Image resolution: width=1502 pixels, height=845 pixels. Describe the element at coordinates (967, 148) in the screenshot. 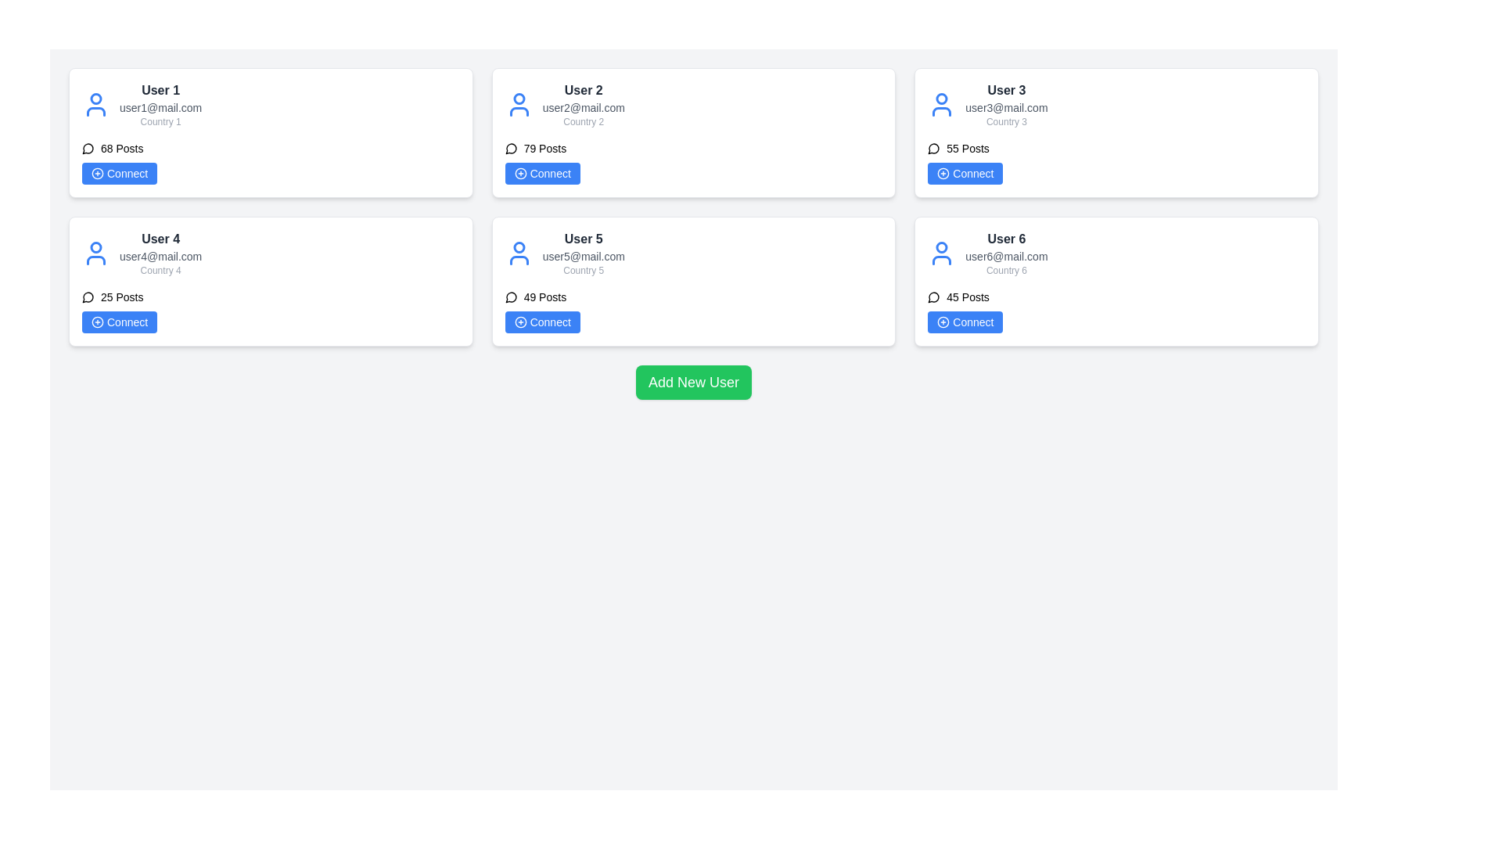

I see `the static text label displaying '55 Posts' located beneath the 'User 3' title and above the blue 'Connect' button in the top-right card of the grid layout` at that location.